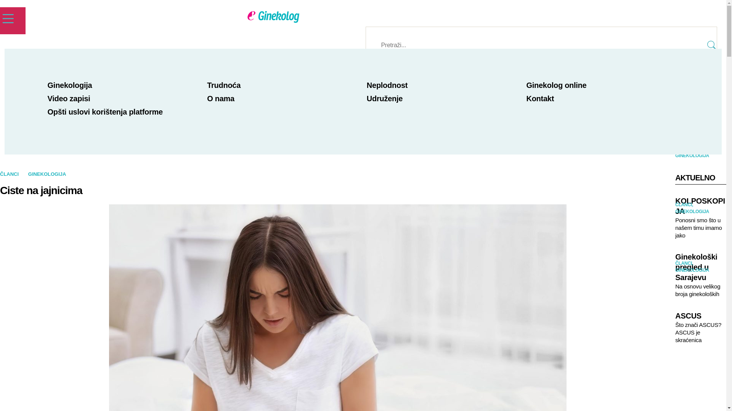 The image size is (732, 411). I want to click on 'Ginekolog online', so click(556, 85).